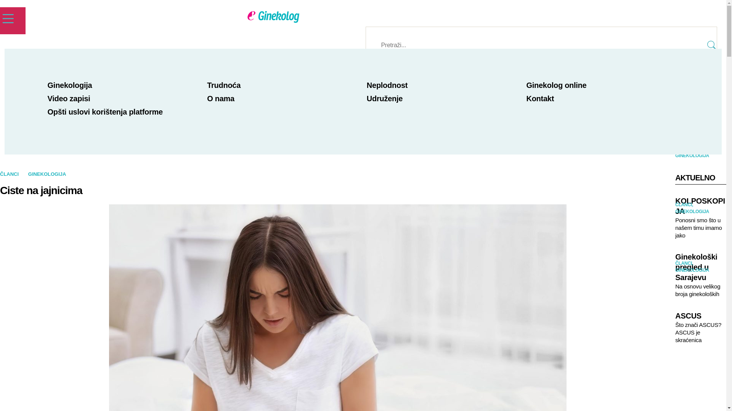 The image size is (732, 411). I want to click on 'Ginekolog online', so click(556, 85).